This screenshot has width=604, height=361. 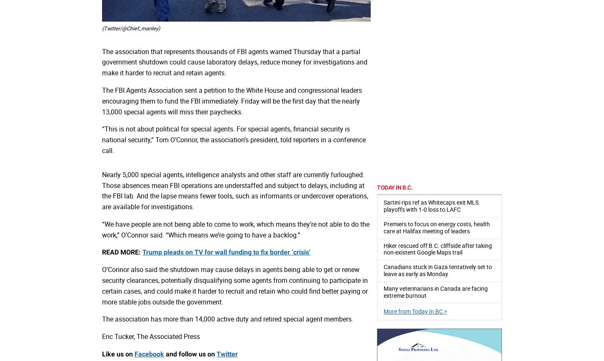 What do you see at coordinates (234, 139) in the screenshot?
I see `'“This is not about political for special agents. For special agents, financial security is national security,” Tom O’Connor, the association’s president, told reporters in a conference call.'` at bounding box center [234, 139].